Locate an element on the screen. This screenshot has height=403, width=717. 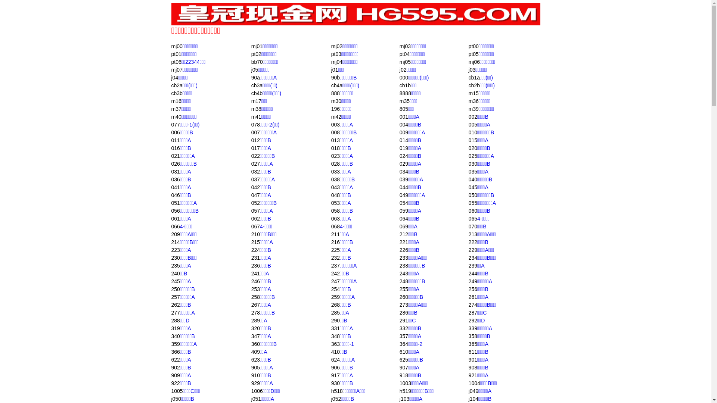
'358' is located at coordinates (472, 336).